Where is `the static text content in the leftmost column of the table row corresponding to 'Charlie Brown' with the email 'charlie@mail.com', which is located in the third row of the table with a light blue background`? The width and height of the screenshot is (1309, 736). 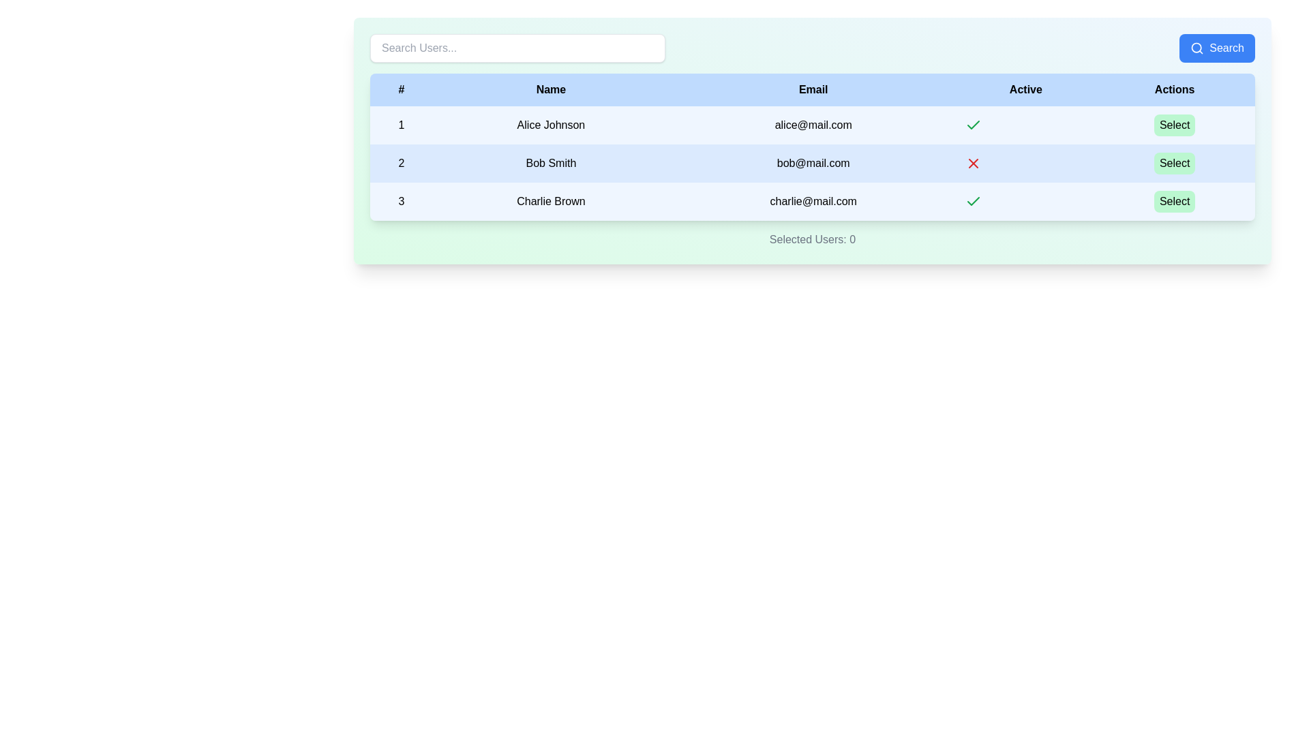 the static text content in the leftmost column of the table row corresponding to 'Charlie Brown' with the email 'charlie@mail.com', which is located in the third row of the table with a light blue background is located at coordinates (400, 202).